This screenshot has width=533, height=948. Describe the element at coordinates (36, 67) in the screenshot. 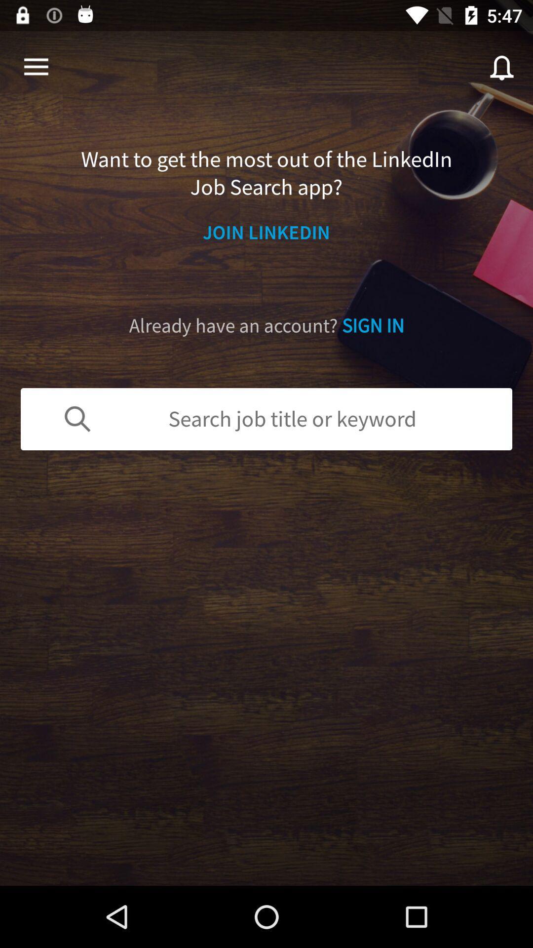

I see `item next to search icon` at that location.